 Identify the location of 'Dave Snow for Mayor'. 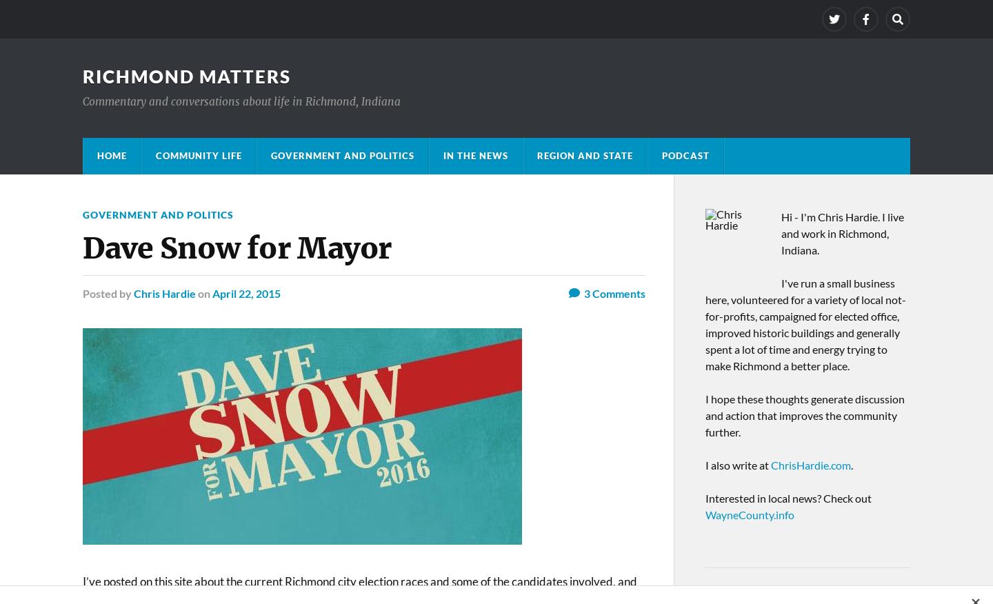
(237, 248).